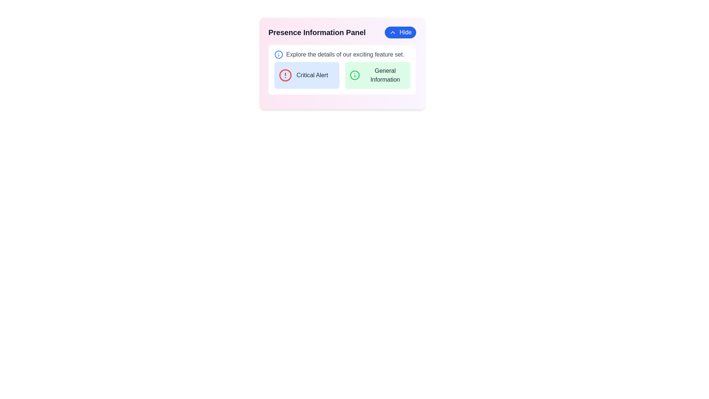 This screenshot has width=709, height=399. What do you see at coordinates (285, 75) in the screenshot?
I see `the critical alert icon located in the 'Critical Alert' section, adjacent to the 'General Information' button` at bounding box center [285, 75].